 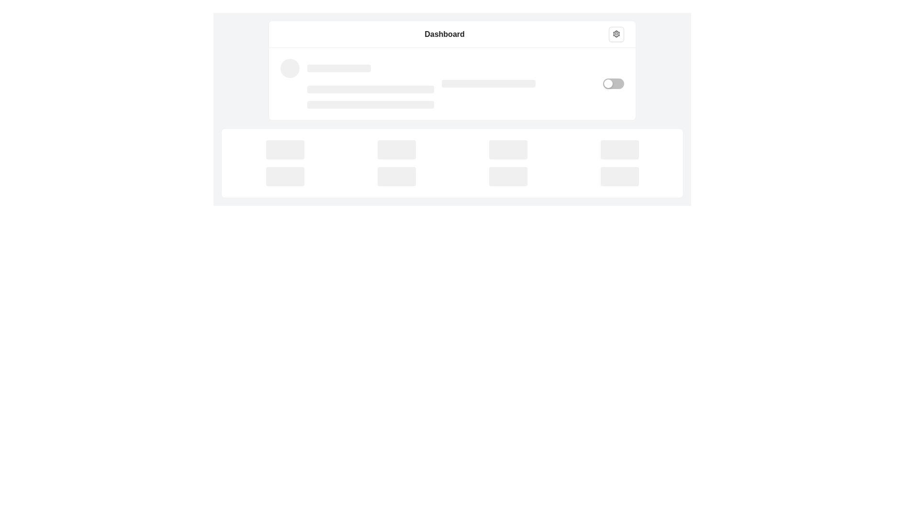 I want to click on text displayed in the Header Section, which is labeled 'Dashboard' in bold, centered font, so click(x=452, y=34).